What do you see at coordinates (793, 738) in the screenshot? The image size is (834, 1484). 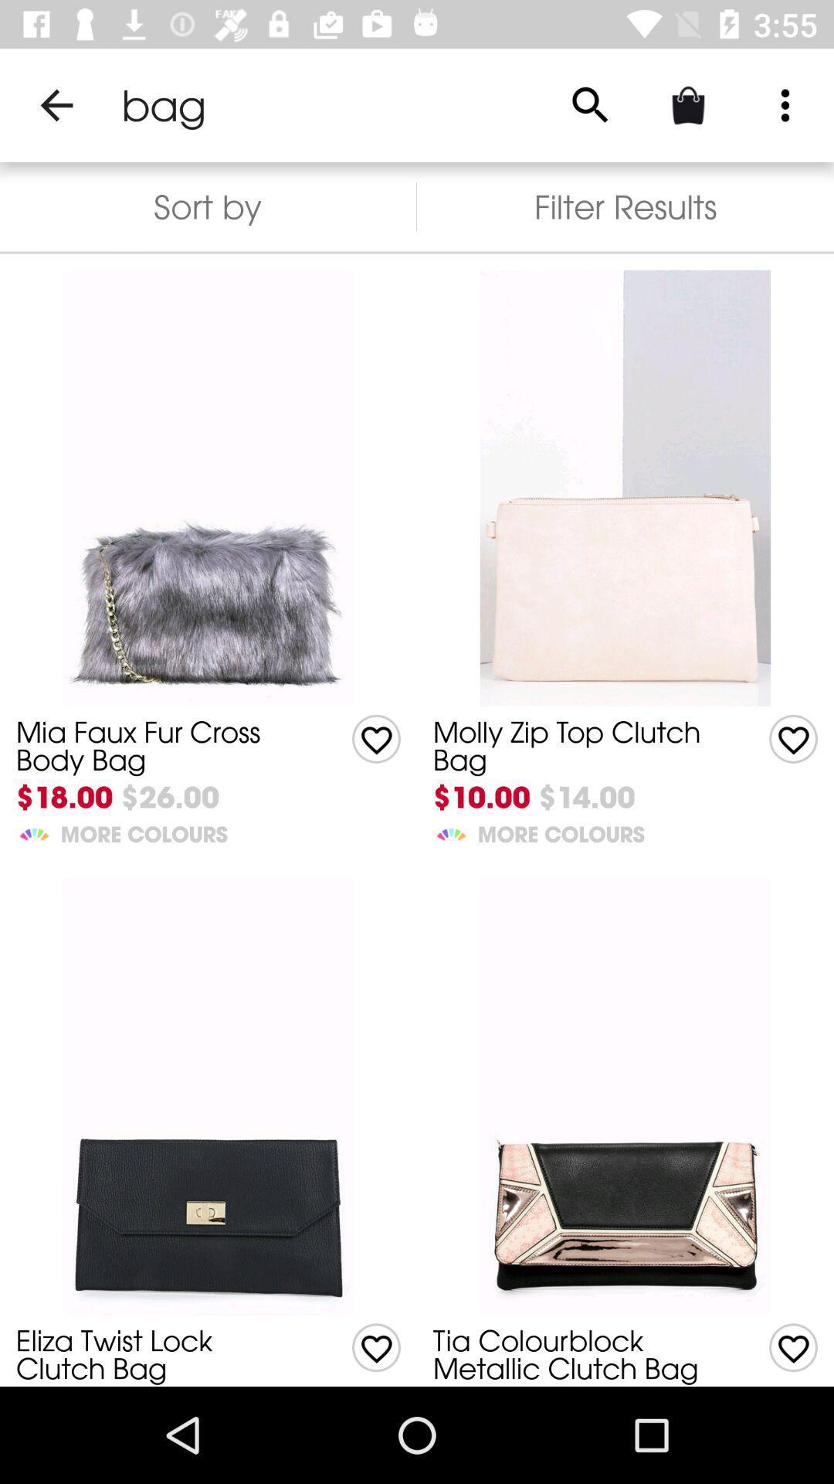 I see `this item` at bounding box center [793, 738].